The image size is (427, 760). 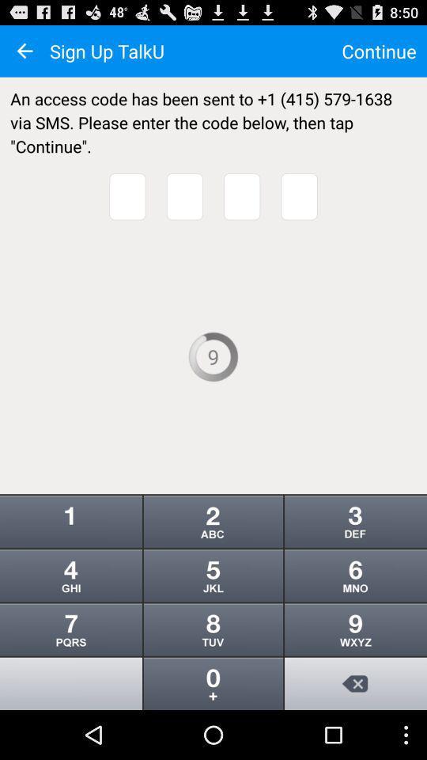 I want to click on the more icon, so click(x=213, y=673).